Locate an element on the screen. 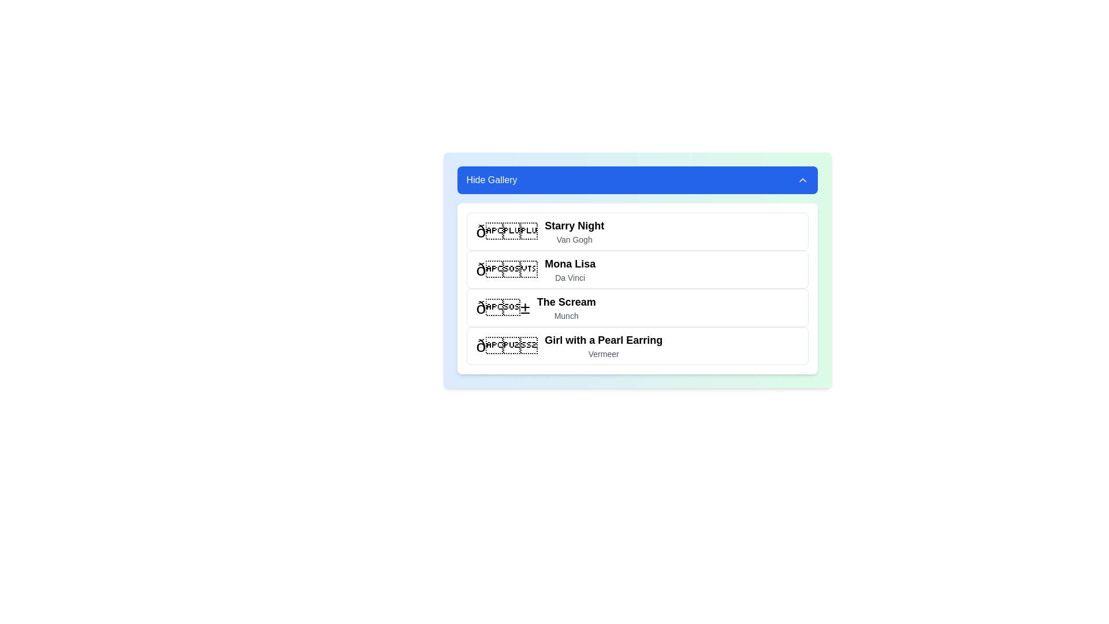  the gallery entry for 'Mona Lisa' by Da Vinci, which is the second item in a vertical list of four items, located below 'Starry Night' and above 'The Scream', within the 'Hide Gallery' panel is located at coordinates (637, 270).